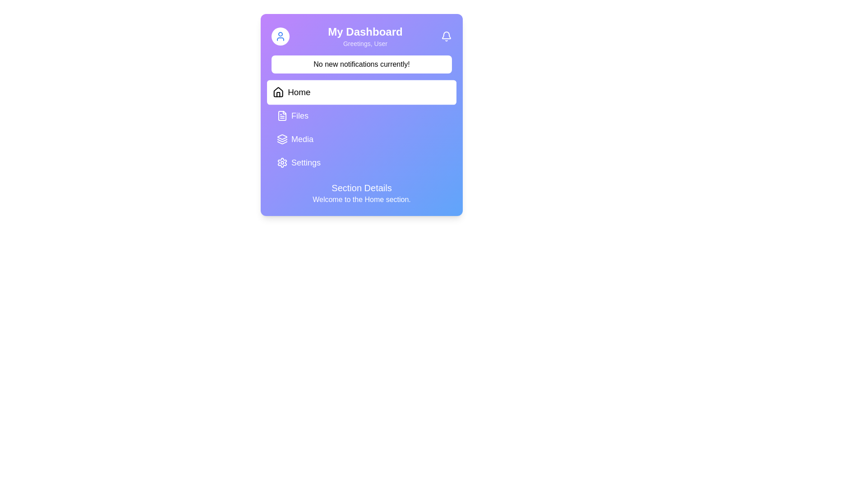 The image size is (866, 487). Describe the element at coordinates (281, 137) in the screenshot. I see `the decorative icon representing a 'layer' concept located in the top-right quadrant of the interface within a sidebar-like structure` at that location.